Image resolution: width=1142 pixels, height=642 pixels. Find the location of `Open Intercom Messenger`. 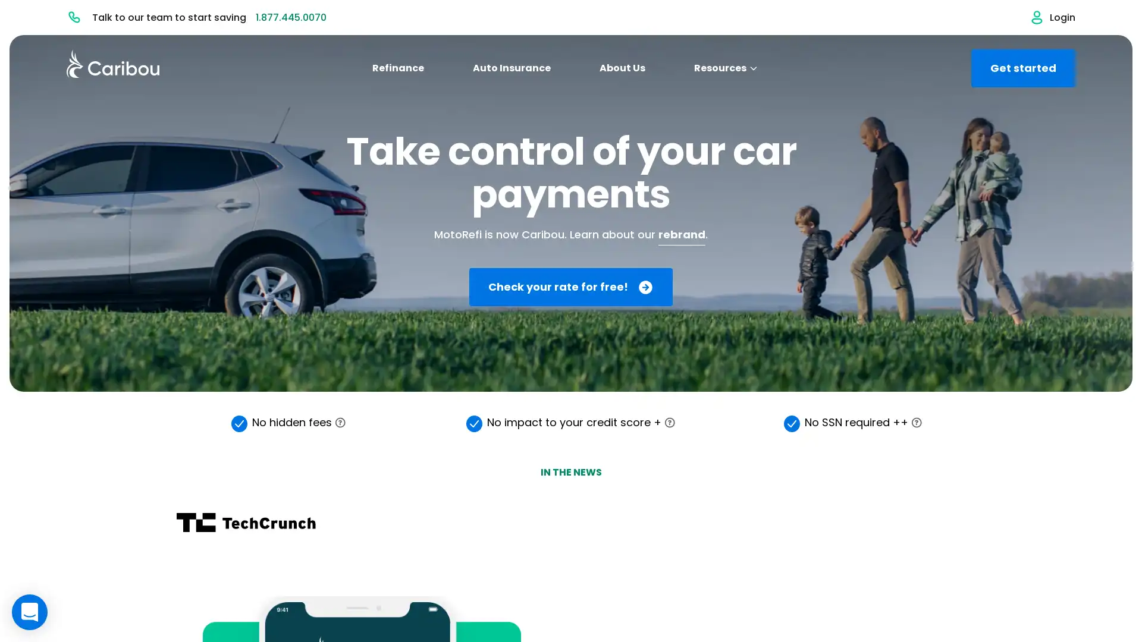

Open Intercom Messenger is located at coordinates (29, 612).